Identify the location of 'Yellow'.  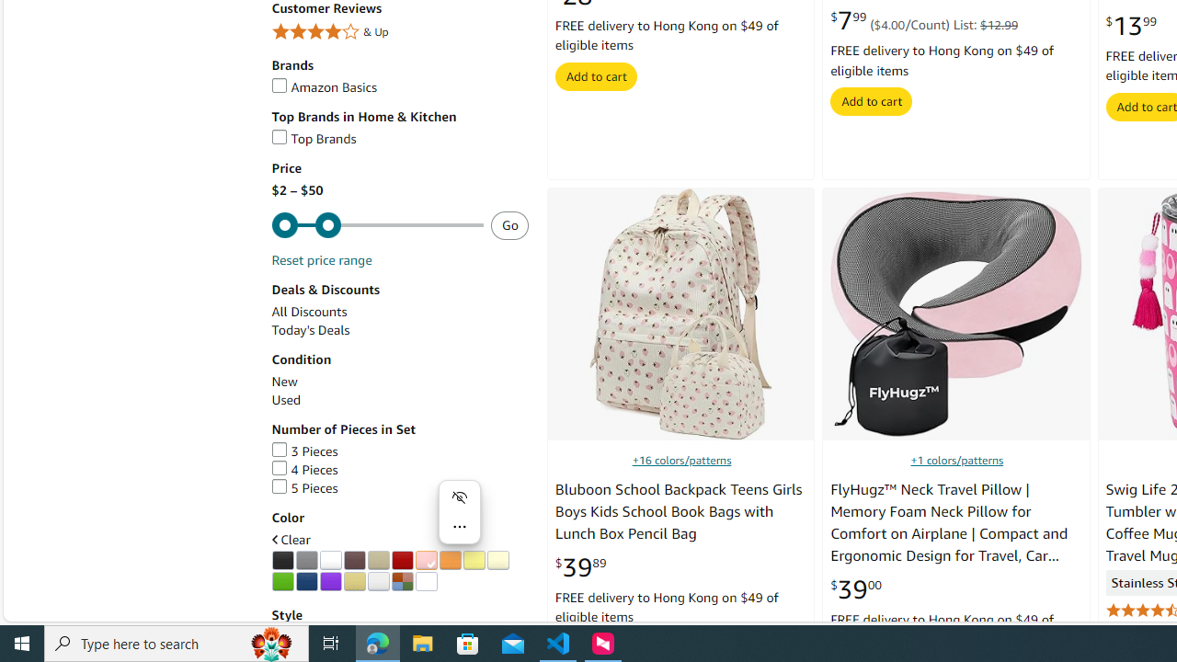
(474, 559).